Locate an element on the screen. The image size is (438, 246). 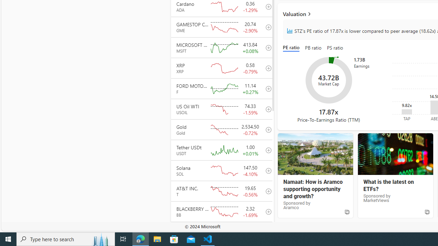
'Class: recharts-surface' is located at coordinates (328, 80).